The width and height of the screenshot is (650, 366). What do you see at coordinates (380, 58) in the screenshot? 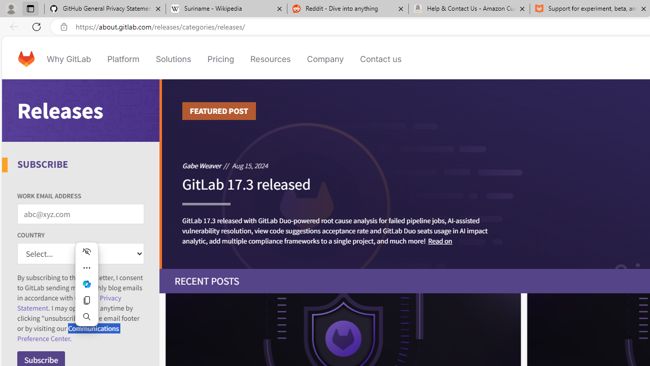
I see `'Contact us'` at bounding box center [380, 58].